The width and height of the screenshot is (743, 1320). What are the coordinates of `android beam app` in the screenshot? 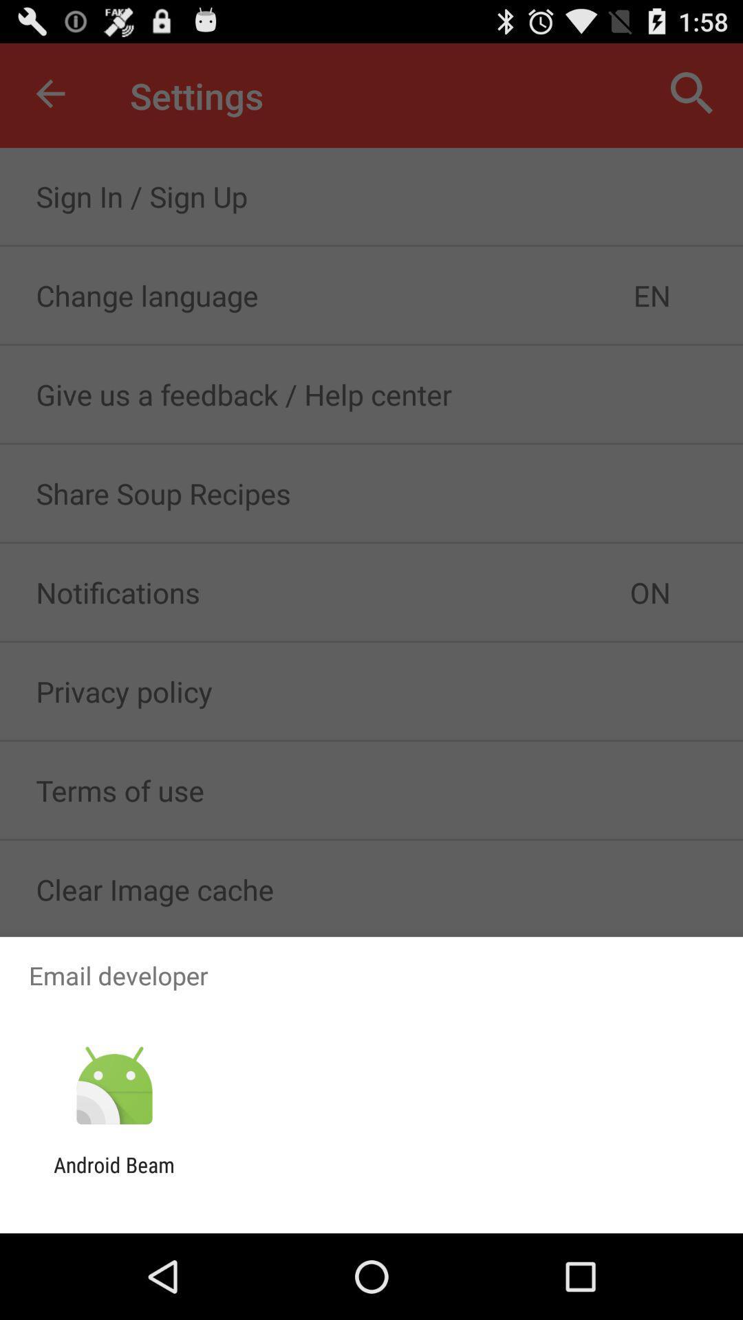 It's located at (114, 1176).